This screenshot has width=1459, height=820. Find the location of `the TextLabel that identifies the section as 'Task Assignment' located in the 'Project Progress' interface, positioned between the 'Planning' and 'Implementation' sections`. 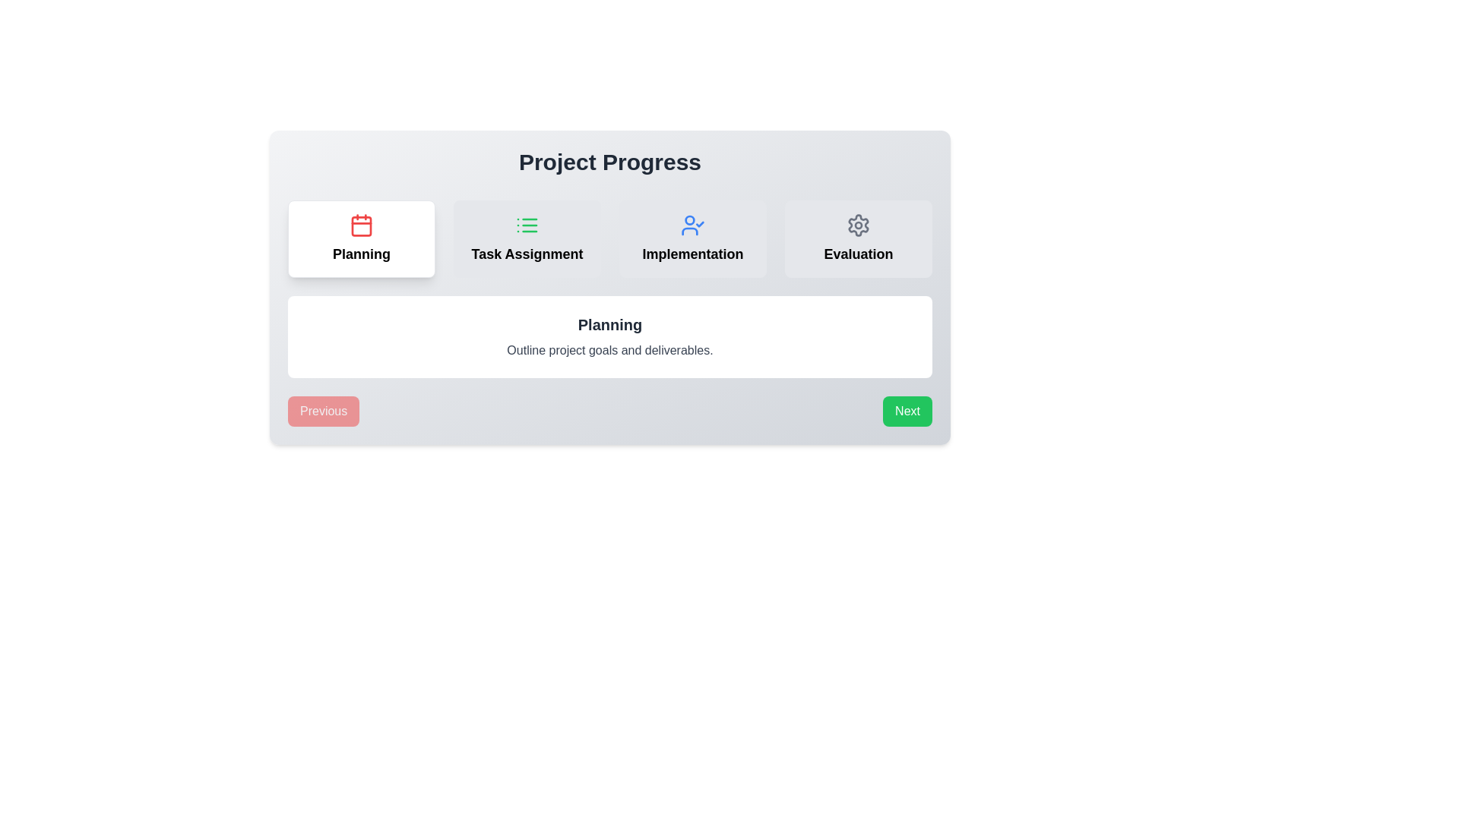

the TextLabel that identifies the section as 'Task Assignment' located in the 'Project Progress' interface, positioned between the 'Planning' and 'Implementation' sections is located at coordinates (527, 254).